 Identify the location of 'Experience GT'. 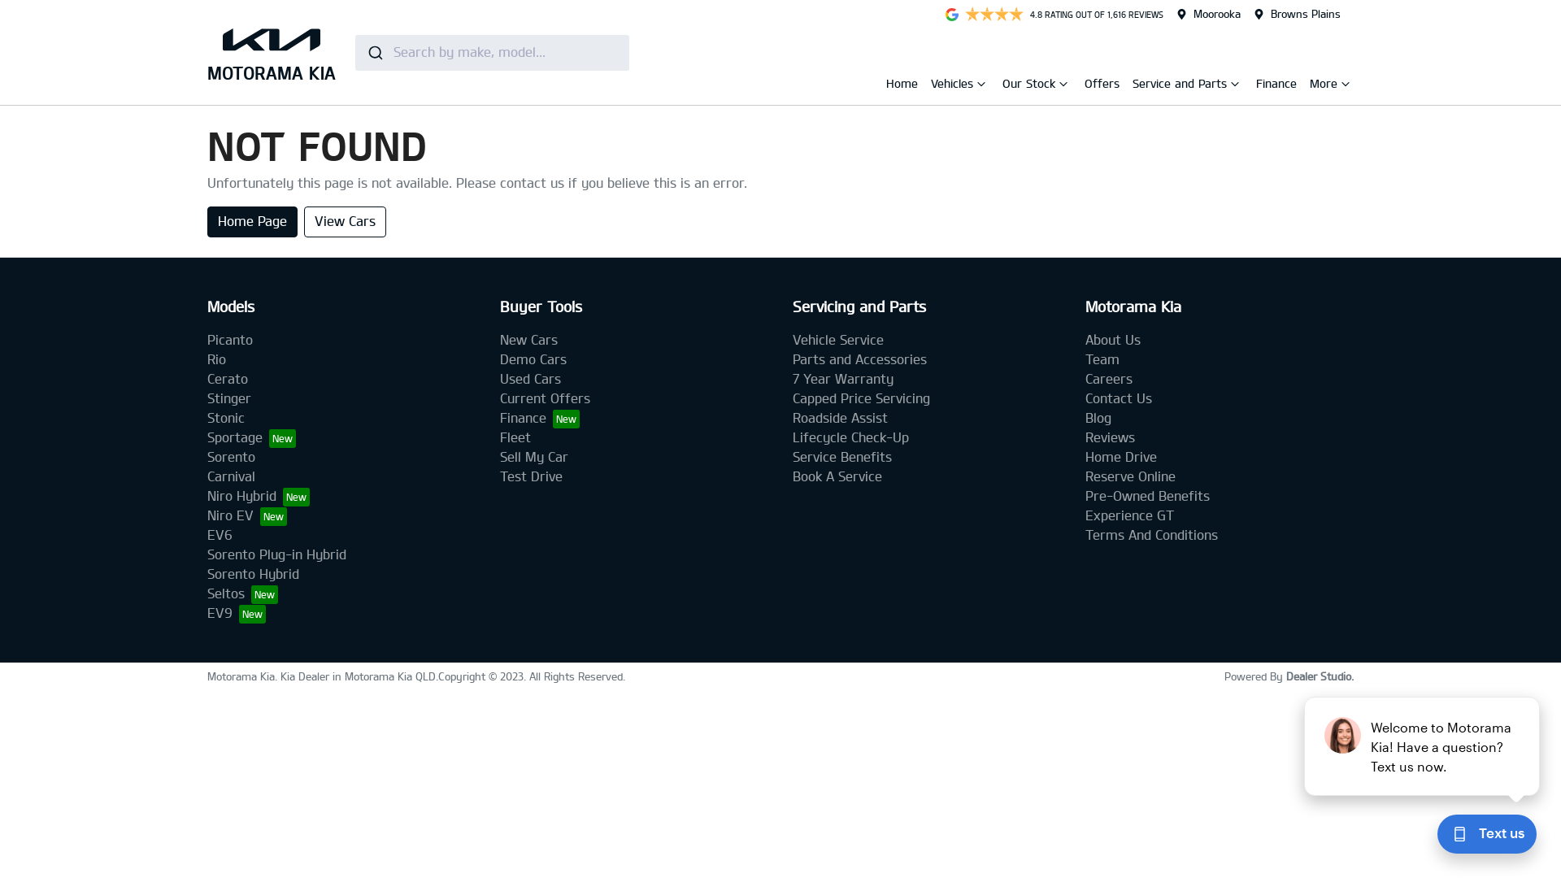
(1128, 515).